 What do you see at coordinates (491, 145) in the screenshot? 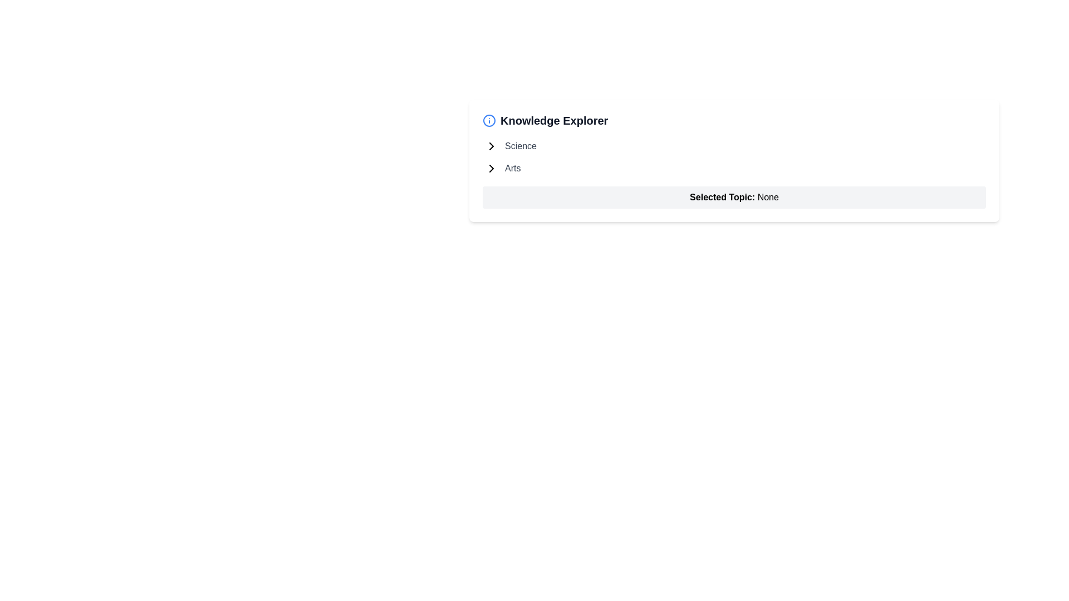
I see `the chevron-like arrow icon located next to the 'Science' label` at bounding box center [491, 145].